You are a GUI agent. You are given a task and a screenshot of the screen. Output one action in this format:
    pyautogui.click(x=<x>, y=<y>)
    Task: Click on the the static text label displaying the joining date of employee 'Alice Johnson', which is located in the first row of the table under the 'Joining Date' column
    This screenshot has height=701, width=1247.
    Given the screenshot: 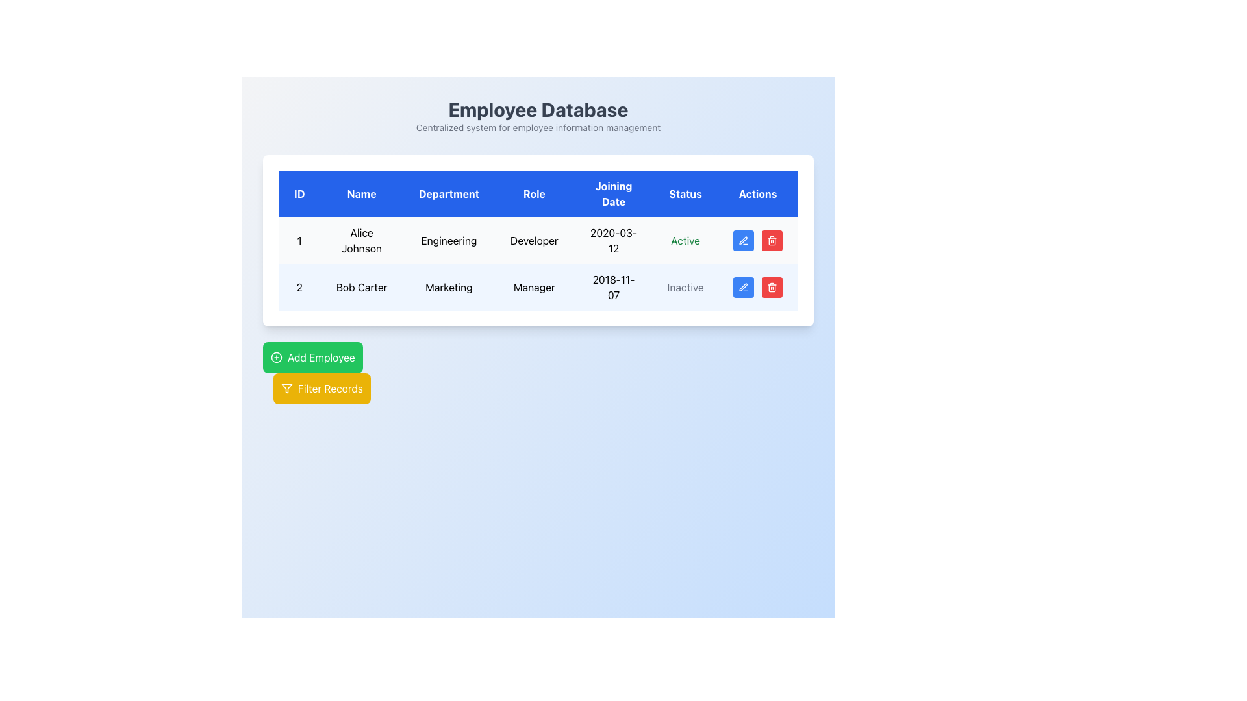 What is the action you would take?
    pyautogui.click(x=613, y=240)
    